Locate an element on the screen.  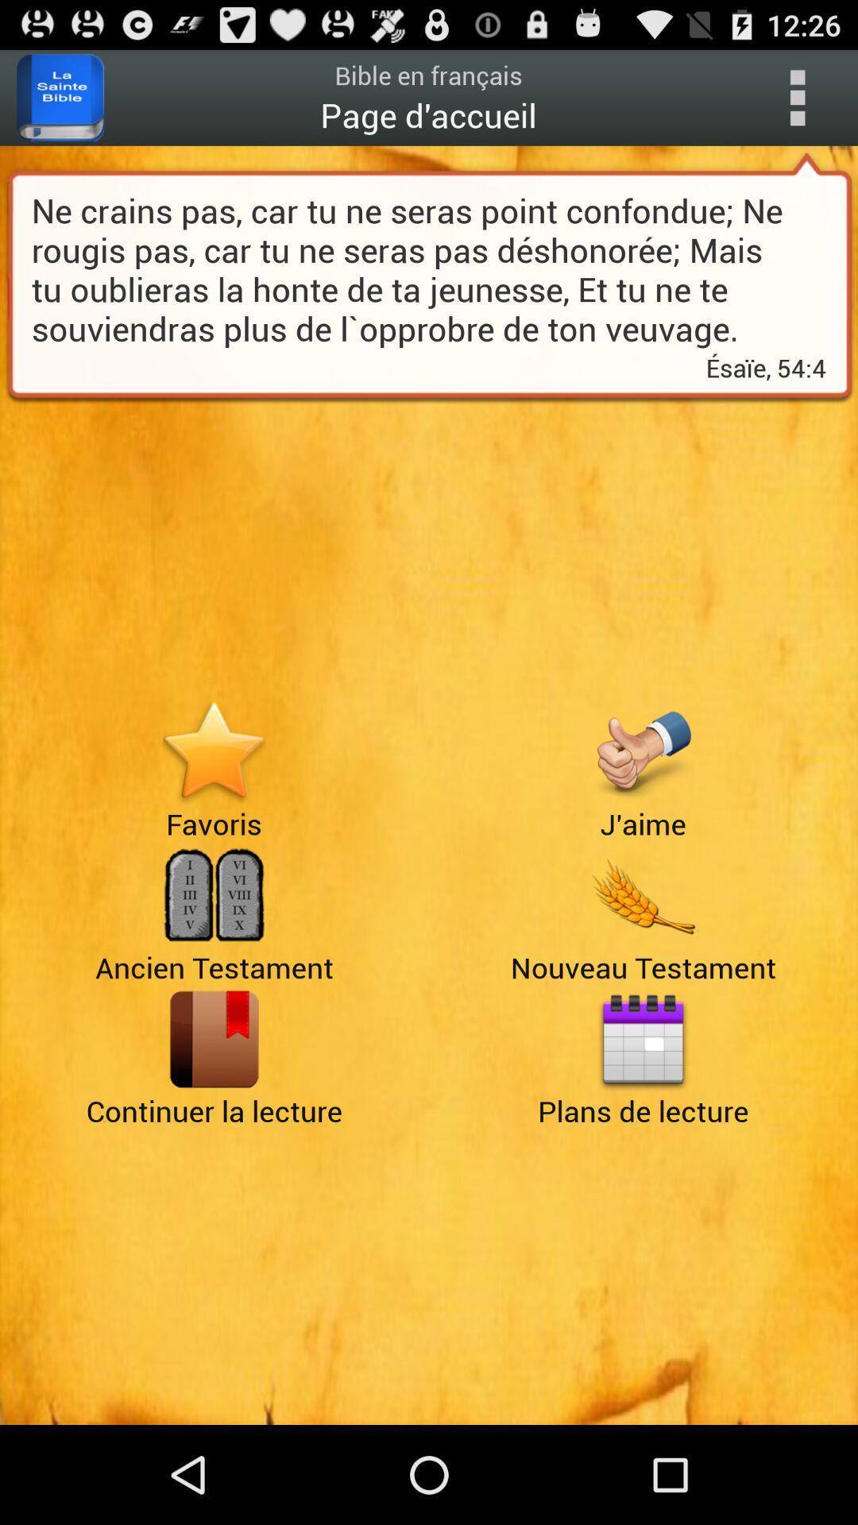
page is located at coordinates (213, 1039).